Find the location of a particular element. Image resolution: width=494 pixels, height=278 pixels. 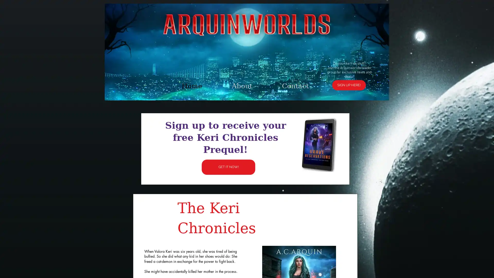

Back to site is located at coordinates (323, 77).